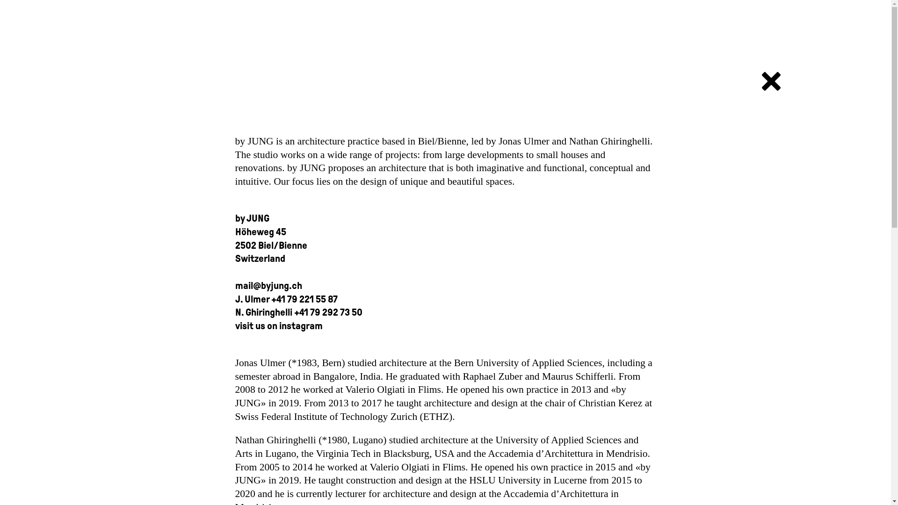  Describe the element at coordinates (268, 285) in the screenshot. I see `'mail@byjung.ch'` at that location.